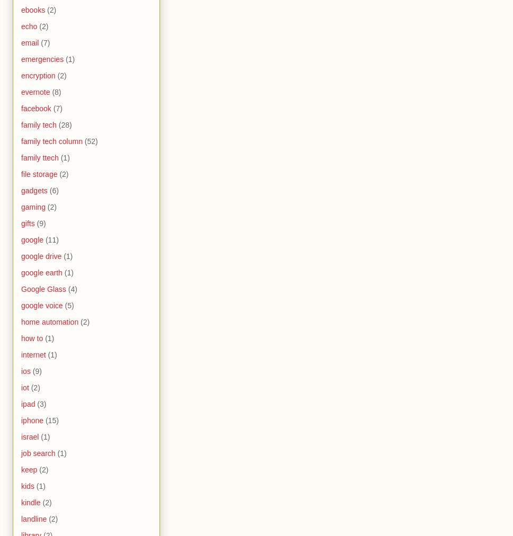 The height and width of the screenshot is (536, 513). What do you see at coordinates (21, 272) in the screenshot?
I see `'google earth'` at bounding box center [21, 272].